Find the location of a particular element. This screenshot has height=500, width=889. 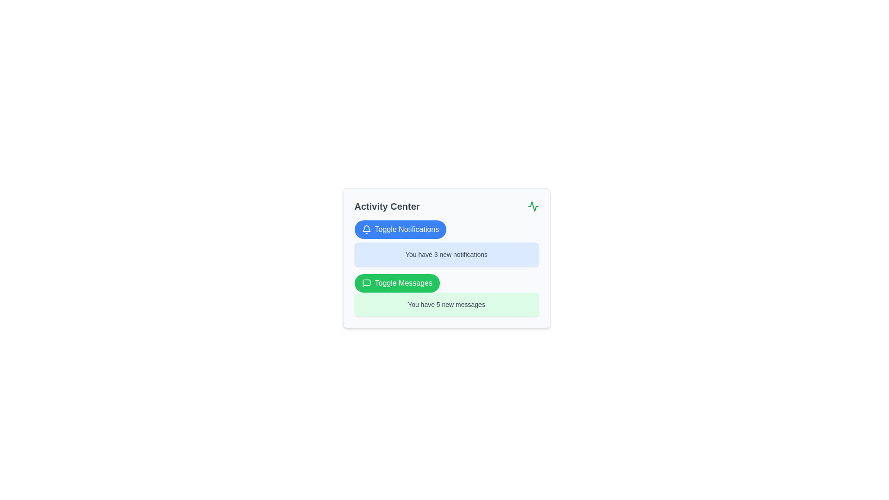

the bell icon, which is part of the 'Toggle Notifications' button located at the top-left quadrant of the interface is located at coordinates (366, 229).